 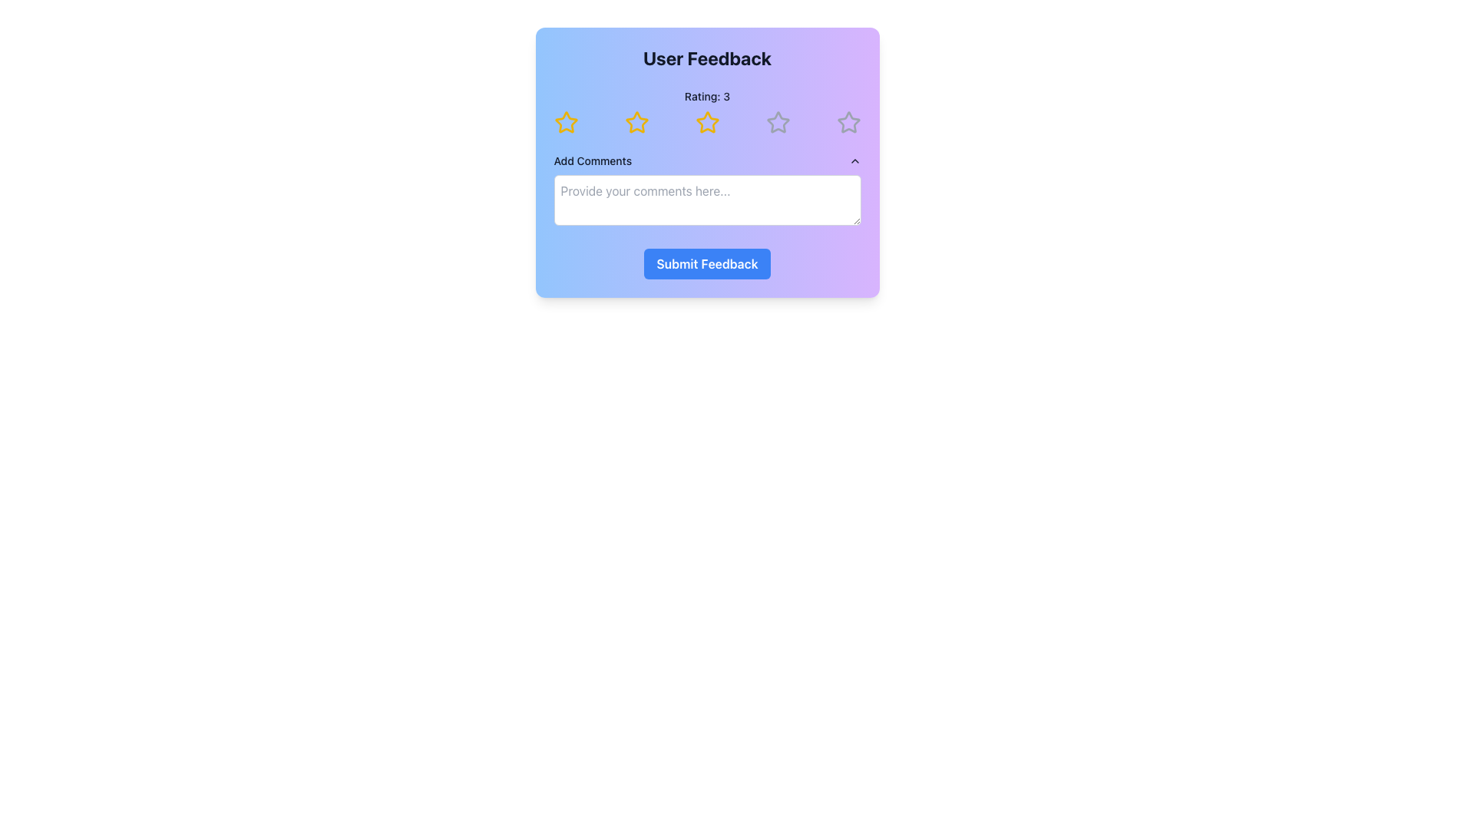 What do you see at coordinates (596, 121) in the screenshot?
I see `the cursor across the five star icons in the rating section` at bounding box center [596, 121].